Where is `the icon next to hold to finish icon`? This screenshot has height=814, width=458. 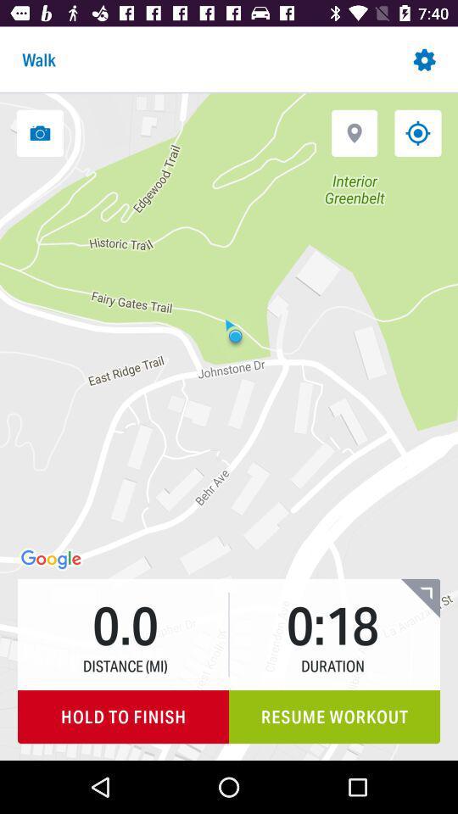 the icon next to hold to finish icon is located at coordinates (334, 716).